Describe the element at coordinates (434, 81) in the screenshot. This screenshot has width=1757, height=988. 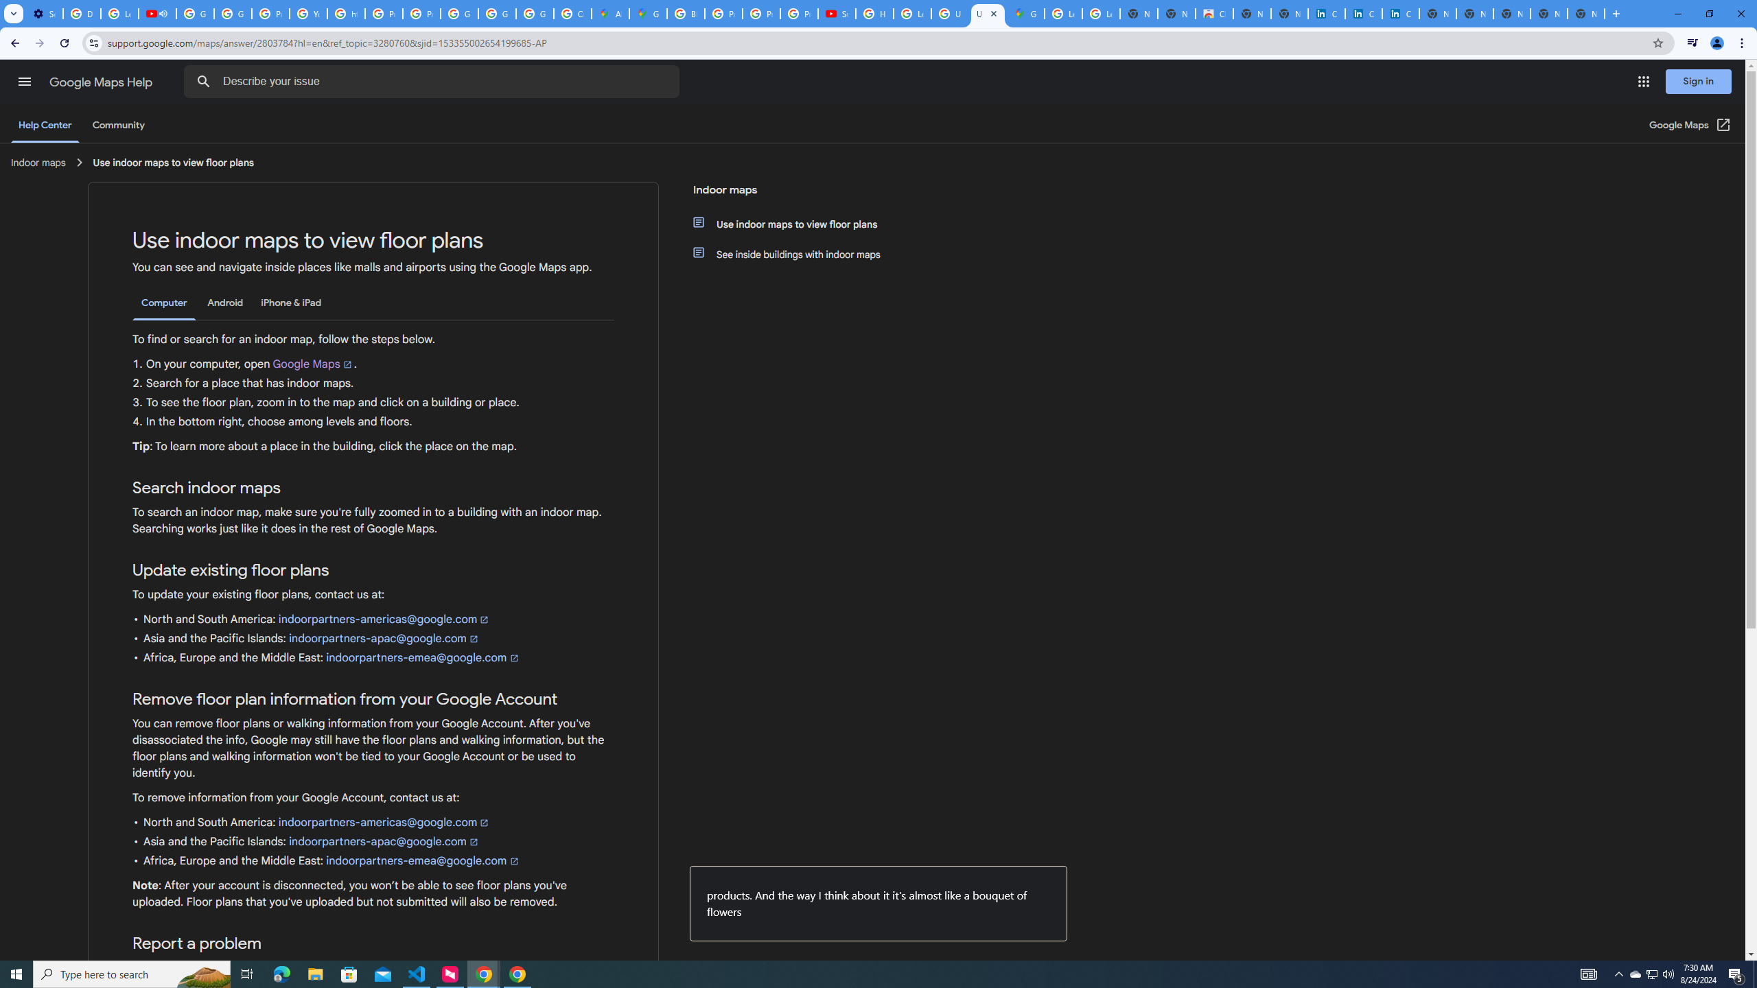
I see `'Describe your issue'` at that location.